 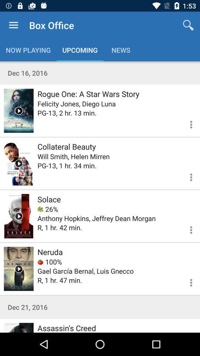 What do you see at coordinates (50, 252) in the screenshot?
I see `item above 100%` at bounding box center [50, 252].